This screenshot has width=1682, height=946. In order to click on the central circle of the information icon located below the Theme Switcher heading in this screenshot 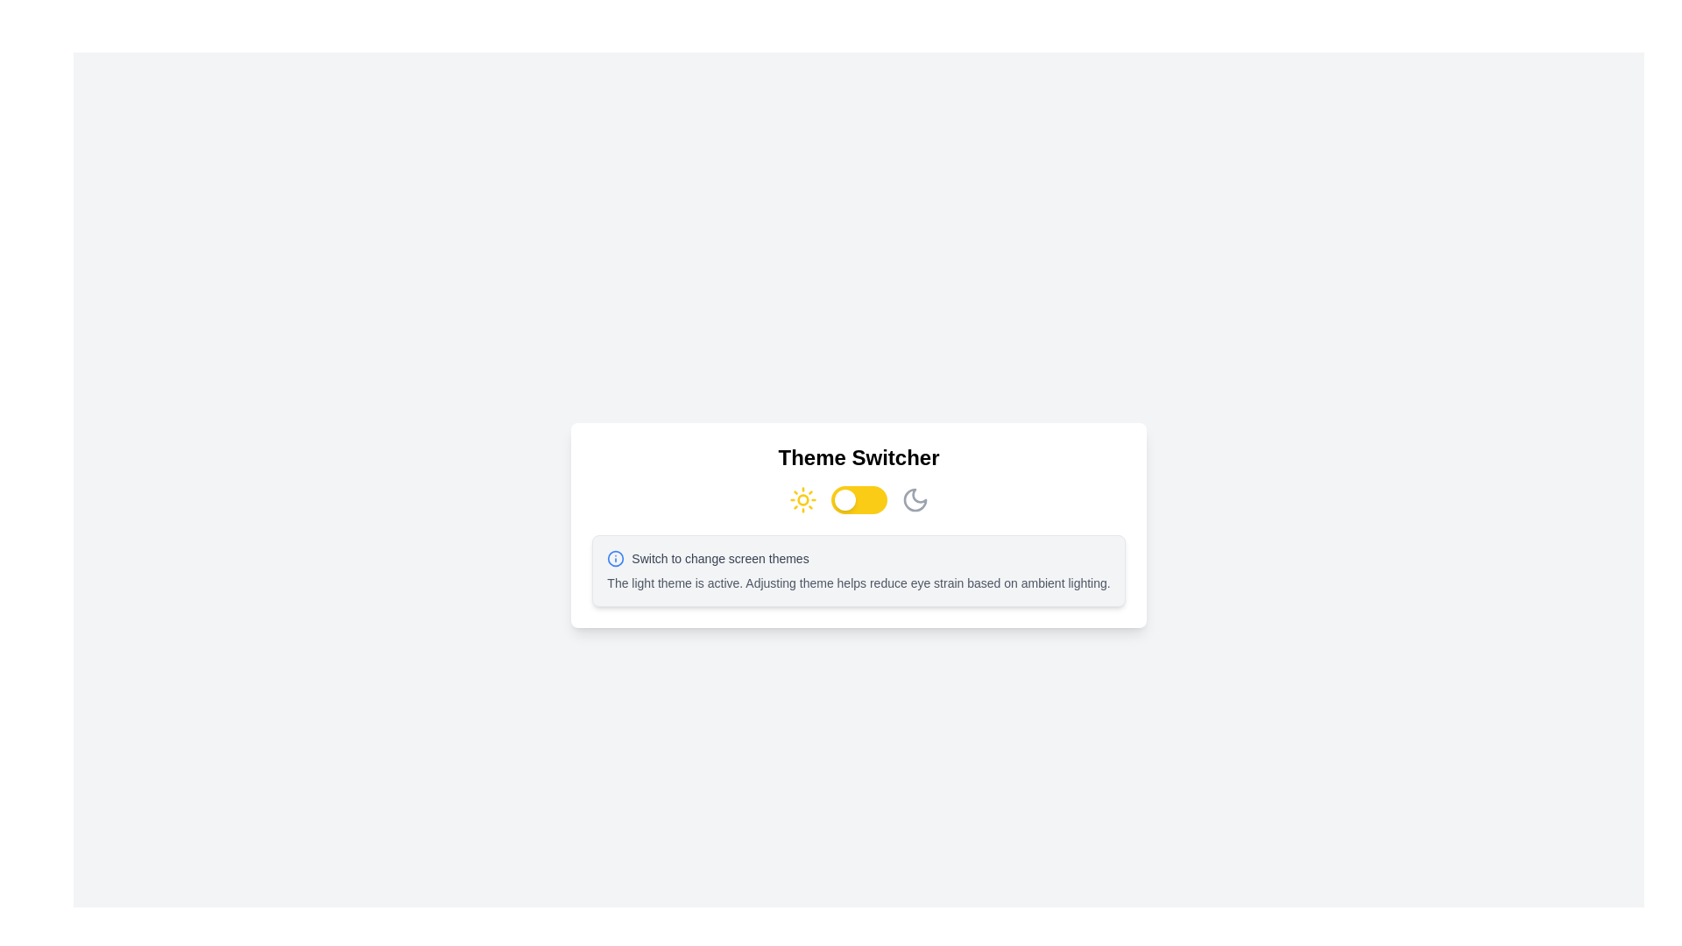, I will do `click(616, 558)`.